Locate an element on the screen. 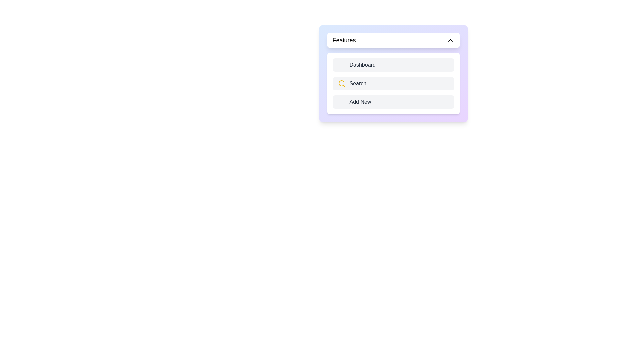 This screenshot has width=636, height=358. the 'Search' button to access the search functionality is located at coordinates (393, 83).